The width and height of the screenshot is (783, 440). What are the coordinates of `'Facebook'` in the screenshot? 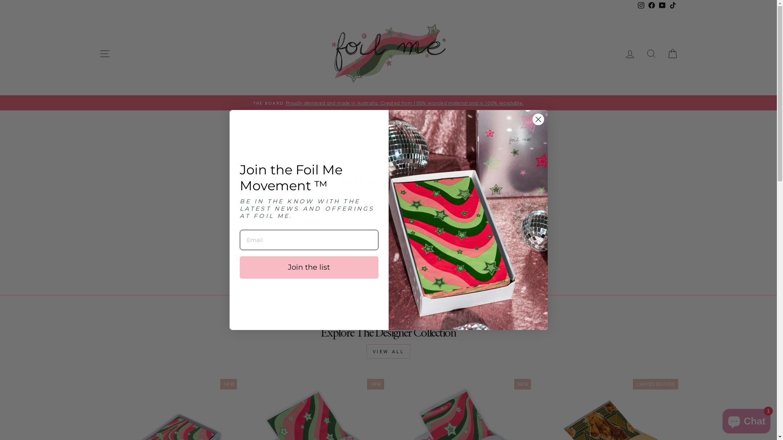 It's located at (646, 6).